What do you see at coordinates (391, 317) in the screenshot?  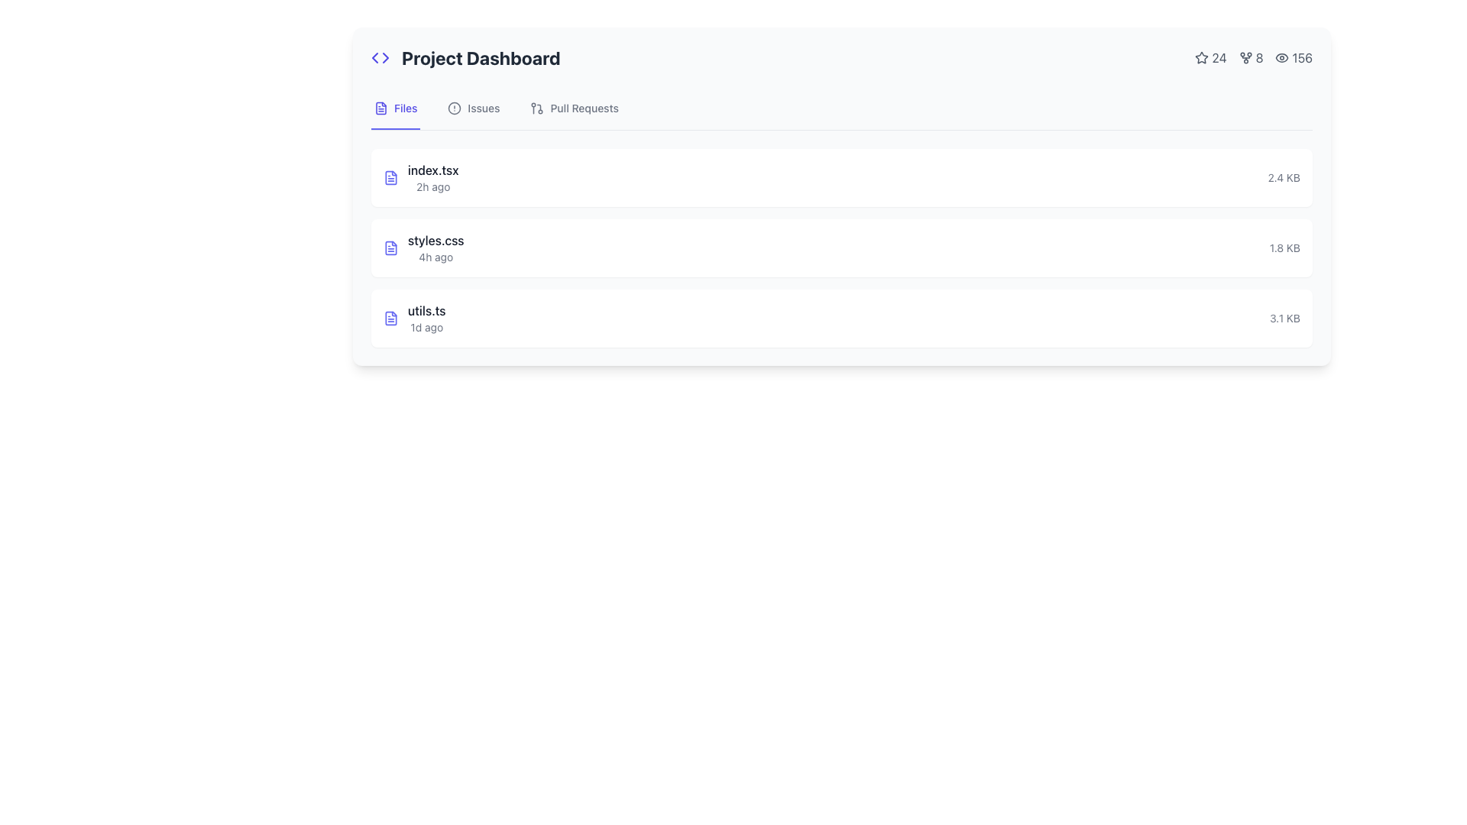 I see `the document file icon, which is a vibrant indigo representation of a file, located to the left of the text 'utils.ts' in the file list interface` at bounding box center [391, 317].